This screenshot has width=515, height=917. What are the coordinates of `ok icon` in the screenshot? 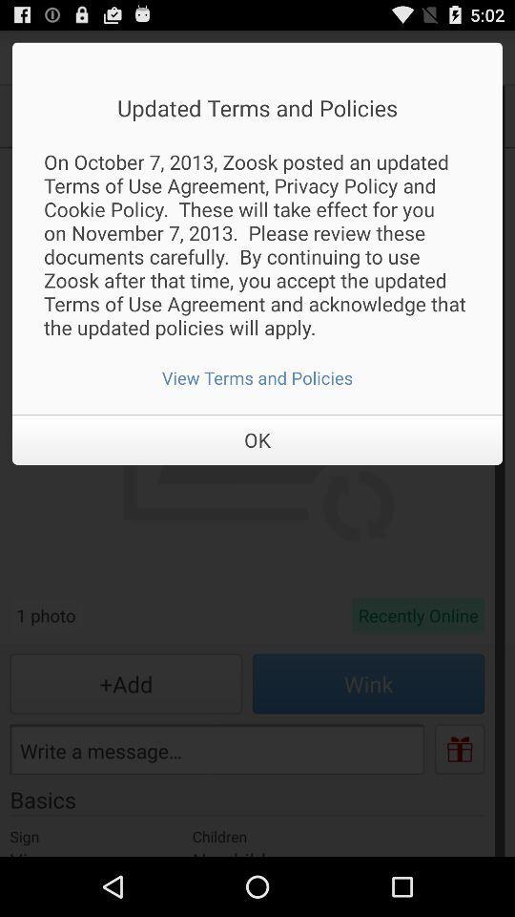 It's located at (257, 439).